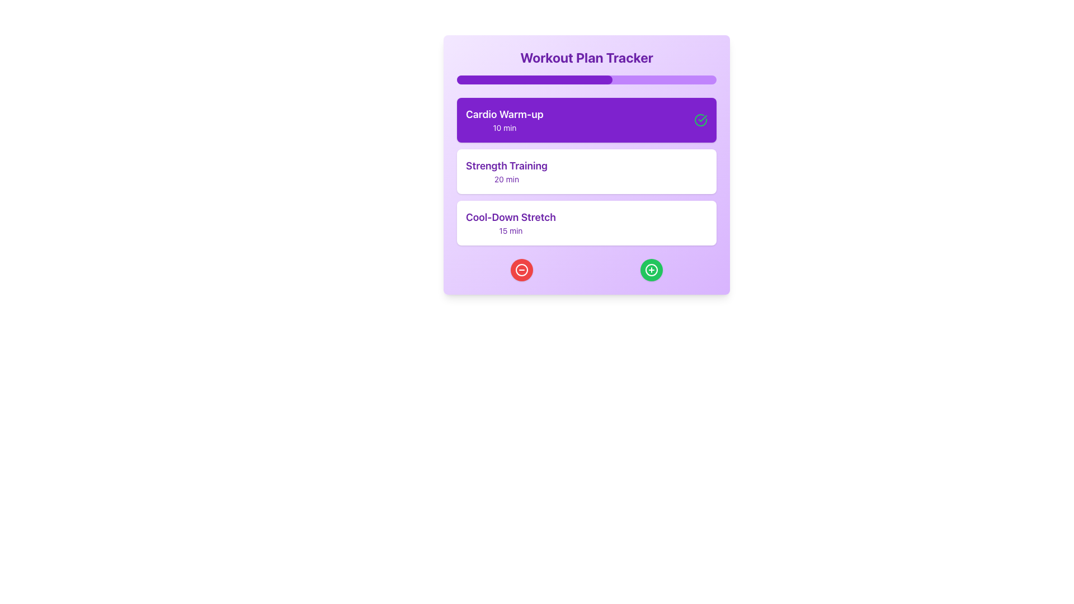  I want to click on the Progress Indicator located centrally at the top of the interface, just below the title 'Workout Plan Tracker', so click(534, 79).